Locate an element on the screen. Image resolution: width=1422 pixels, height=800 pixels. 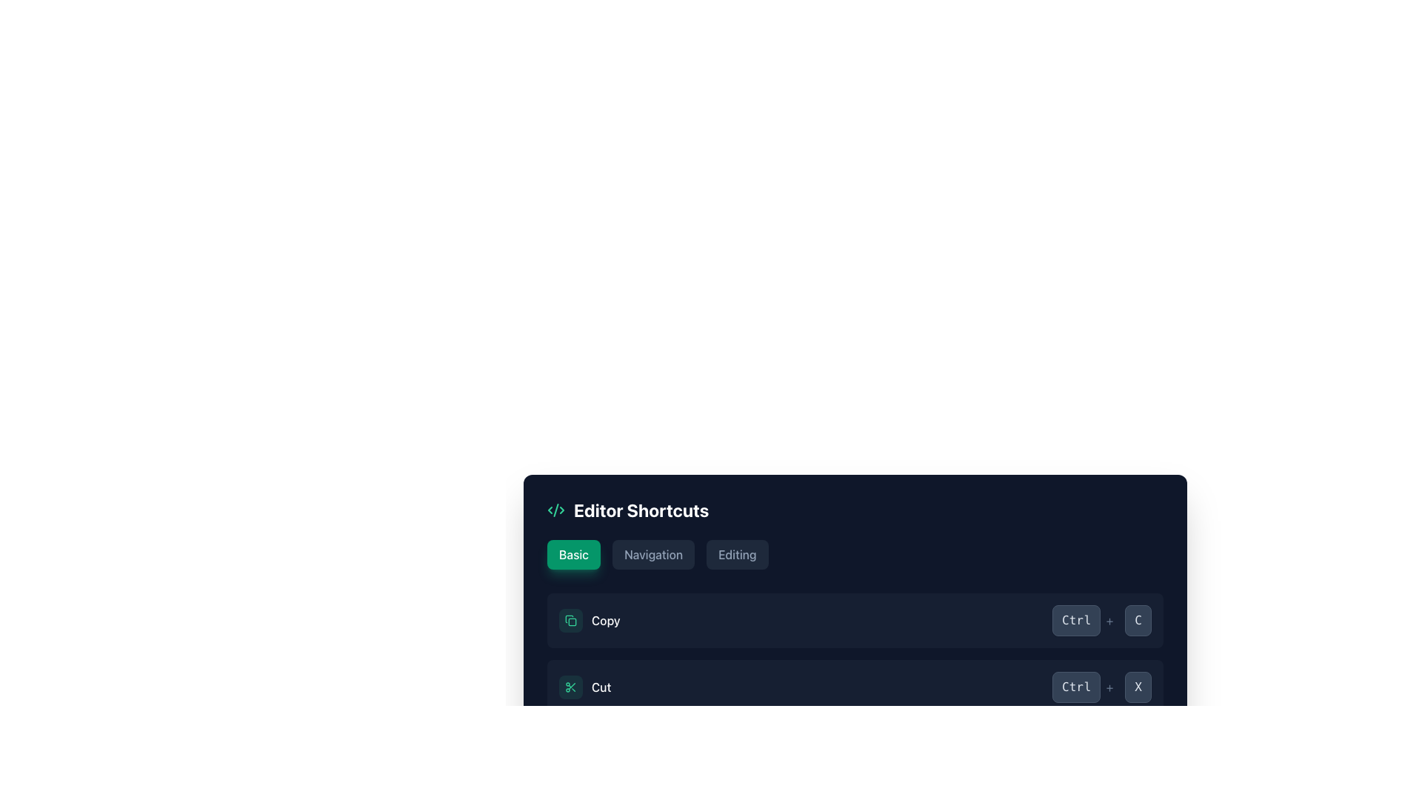
the Key display button, which is a rectangular button with a dark slate gray background and the letter 'S' in light gray font, located at the bottom-right corner of the interface is located at coordinates (1138, 754).